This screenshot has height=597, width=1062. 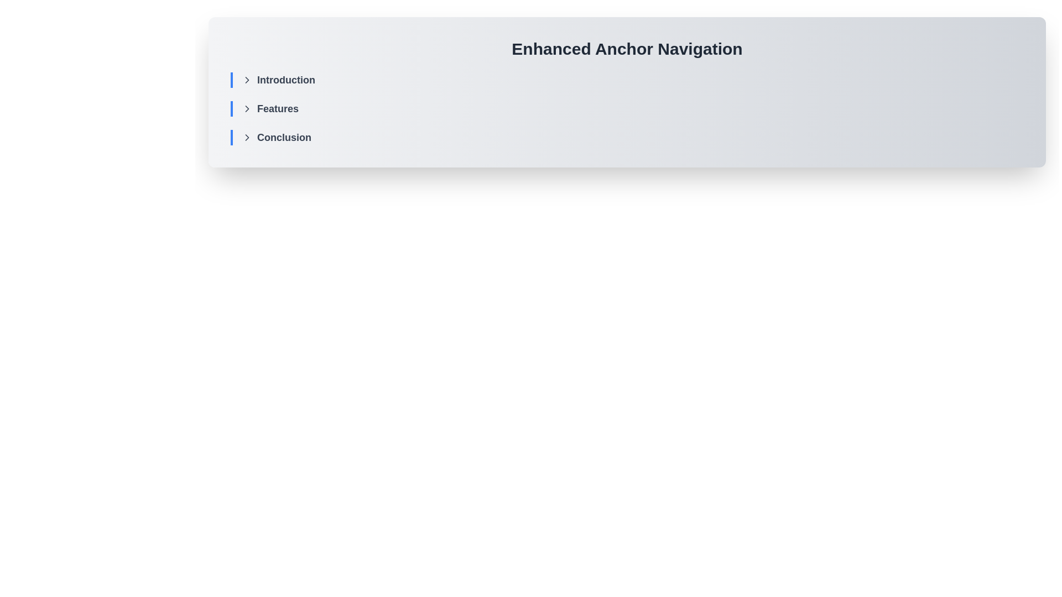 I want to click on the chevron icon located to the left of the 'Introduction' text, so click(x=246, y=80).